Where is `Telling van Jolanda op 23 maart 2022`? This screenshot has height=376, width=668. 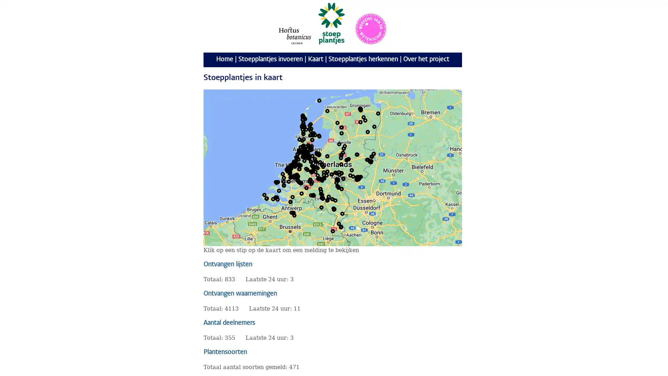
Telling van Jolanda op 23 maart 2022 is located at coordinates (313, 195).